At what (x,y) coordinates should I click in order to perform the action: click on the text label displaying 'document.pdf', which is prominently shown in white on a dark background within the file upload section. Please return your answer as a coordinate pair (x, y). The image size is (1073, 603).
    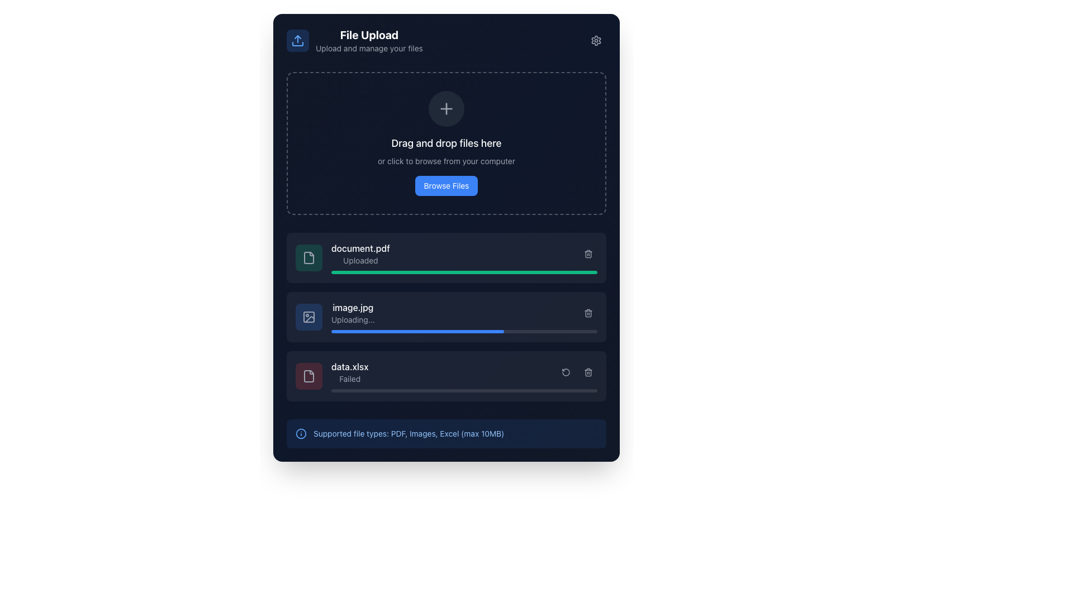
    Looking at the image, I should click on (360, 247).